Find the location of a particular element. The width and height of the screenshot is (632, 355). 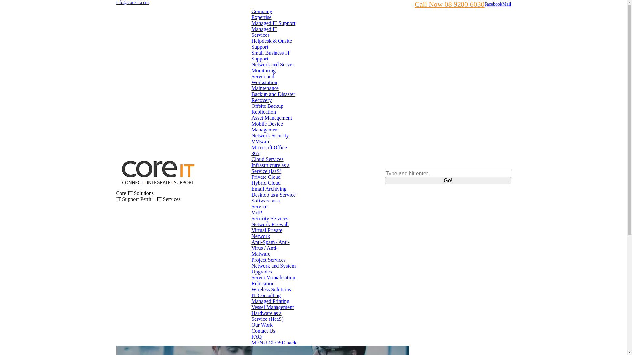

'Infrastructure as a Service (IaaS)' is located at coordinates (270, 168).